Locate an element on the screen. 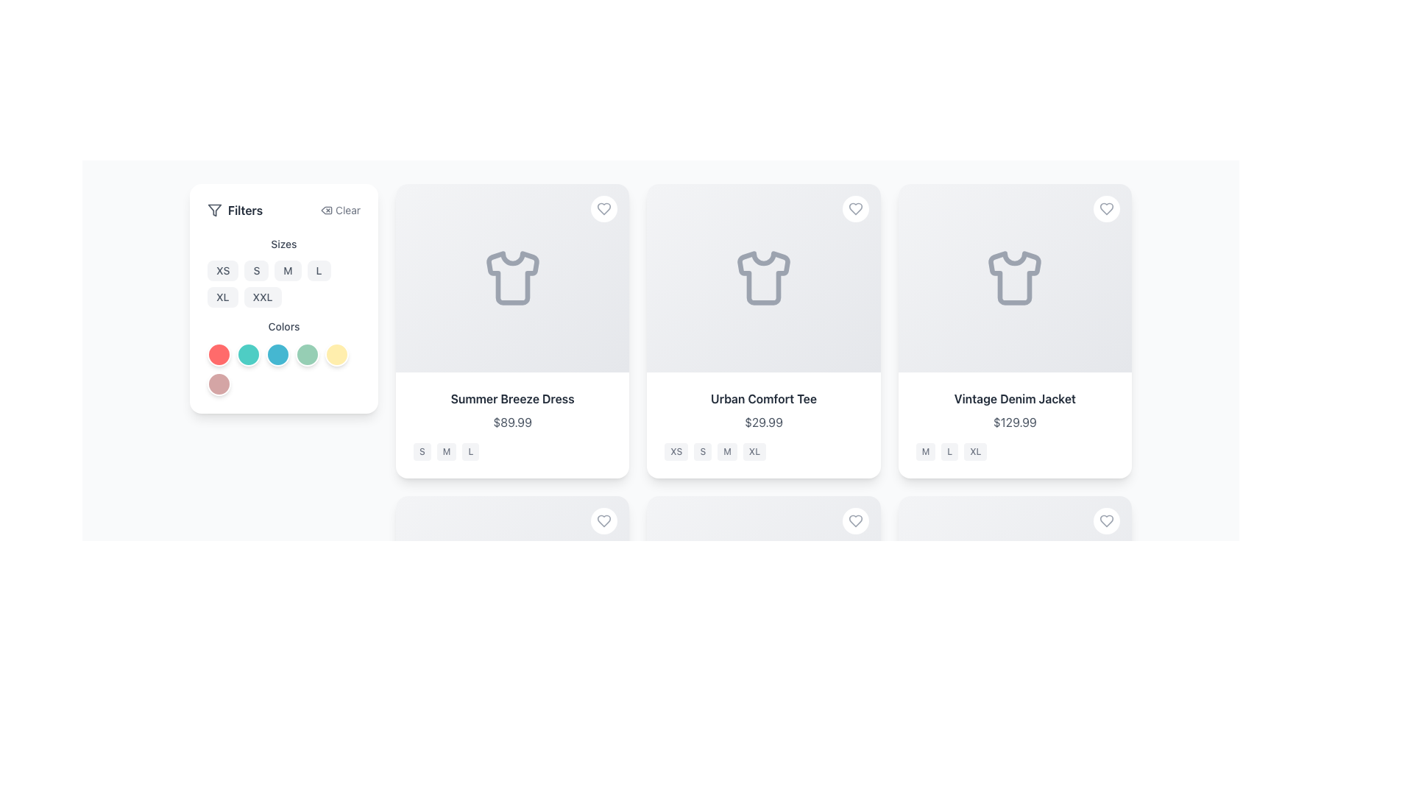 This screenshot has height=795, width=1413. the fifth button is located at coordinates (336, 355).